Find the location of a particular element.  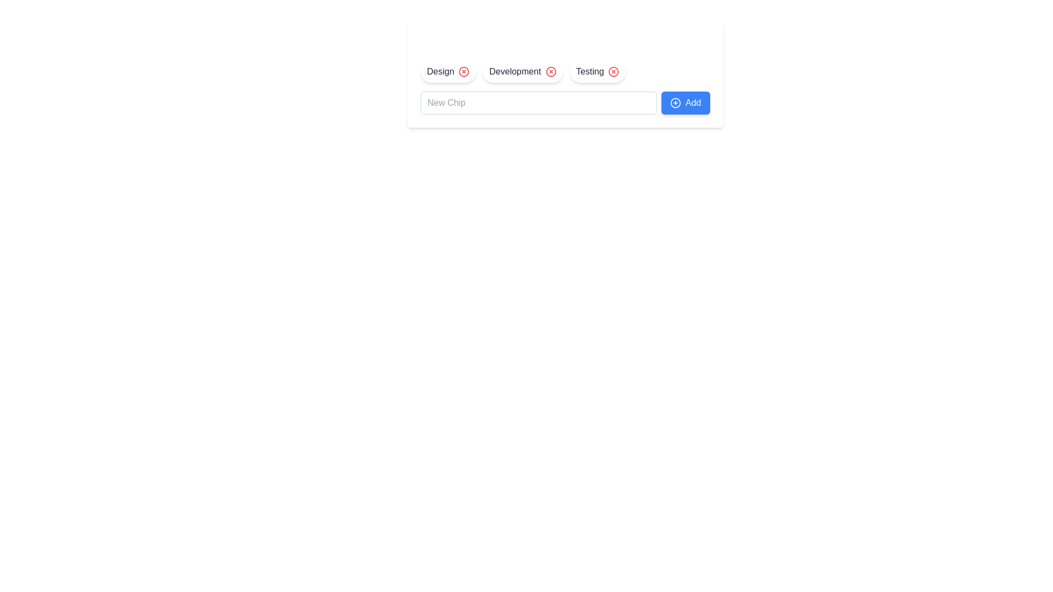

the Delete Button for Design element to observe UI feedback is located at coordinates (464, 72).